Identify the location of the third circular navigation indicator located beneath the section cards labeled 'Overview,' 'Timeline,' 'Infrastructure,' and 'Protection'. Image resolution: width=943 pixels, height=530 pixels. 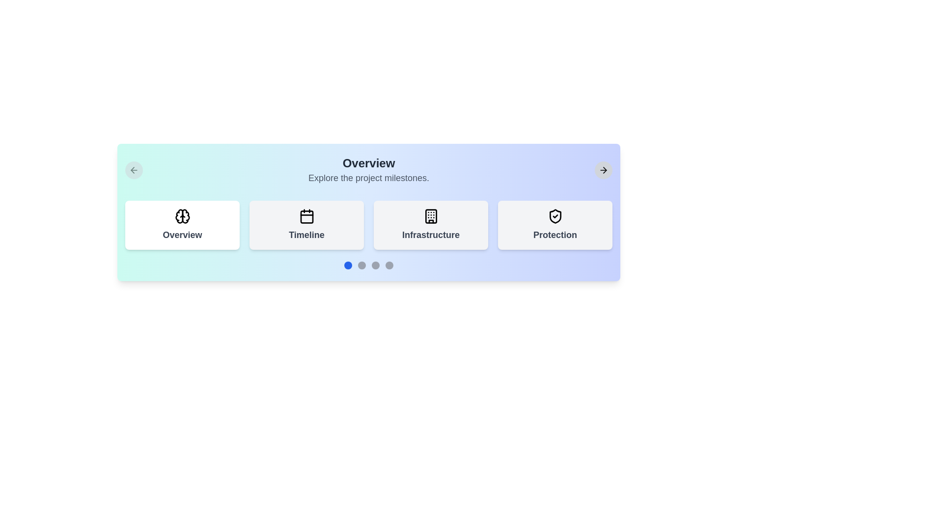
(375, 265).